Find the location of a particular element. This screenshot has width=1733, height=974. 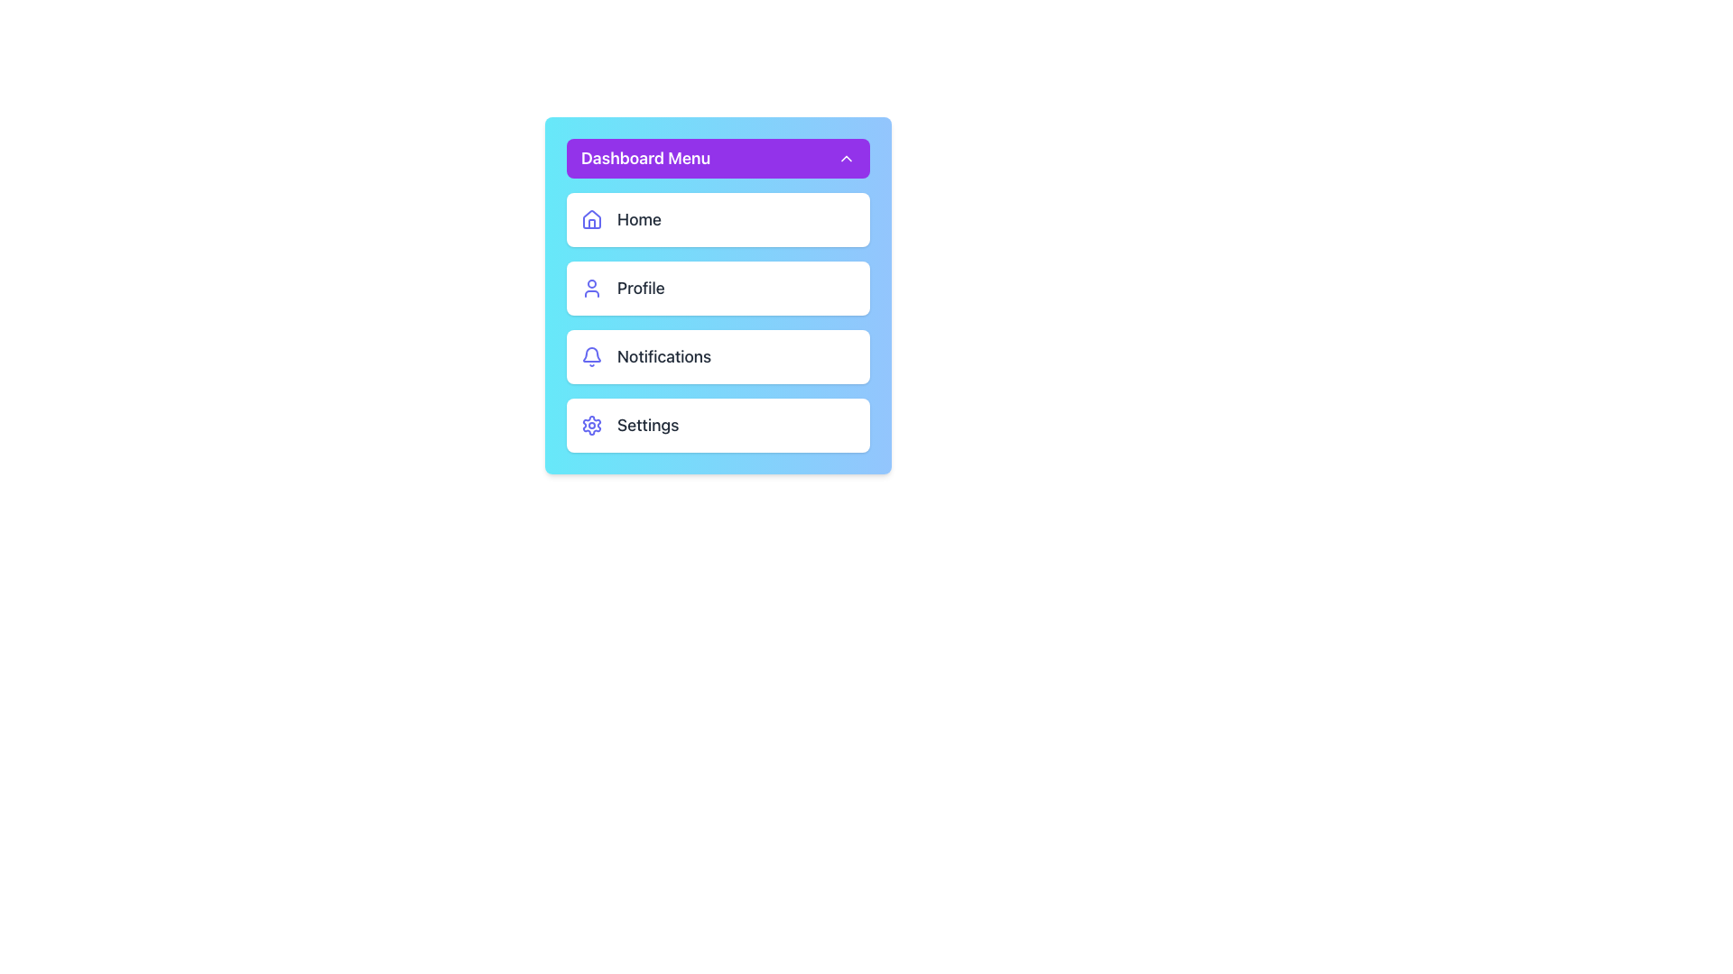

the chevron icon on the right side of the purple 'Dashboard Menu' bar is located at coordinates (845, 158).